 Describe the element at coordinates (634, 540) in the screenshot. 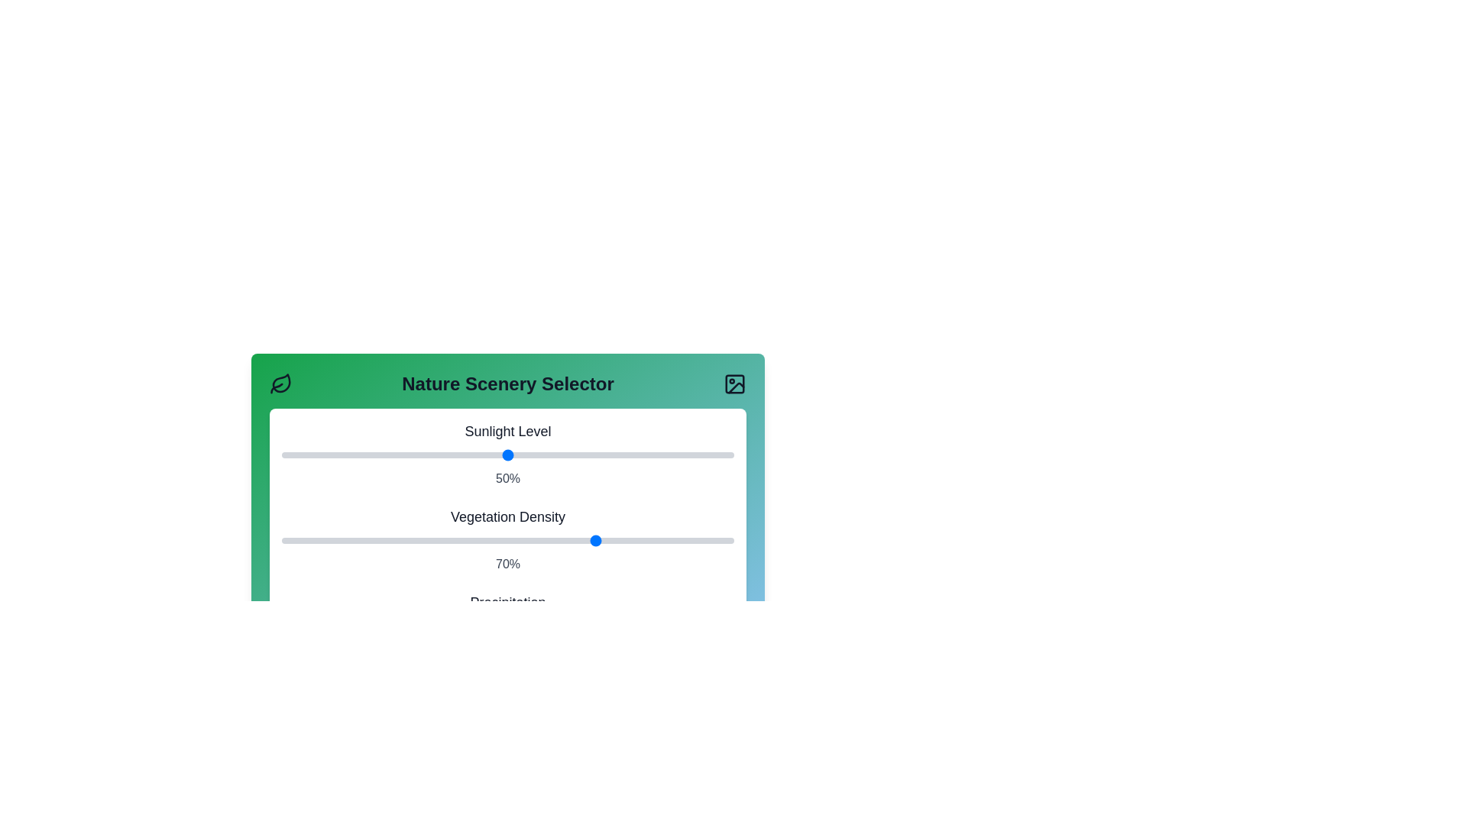

I see `the Vegetation Density slider to set its value to 78` at that location.